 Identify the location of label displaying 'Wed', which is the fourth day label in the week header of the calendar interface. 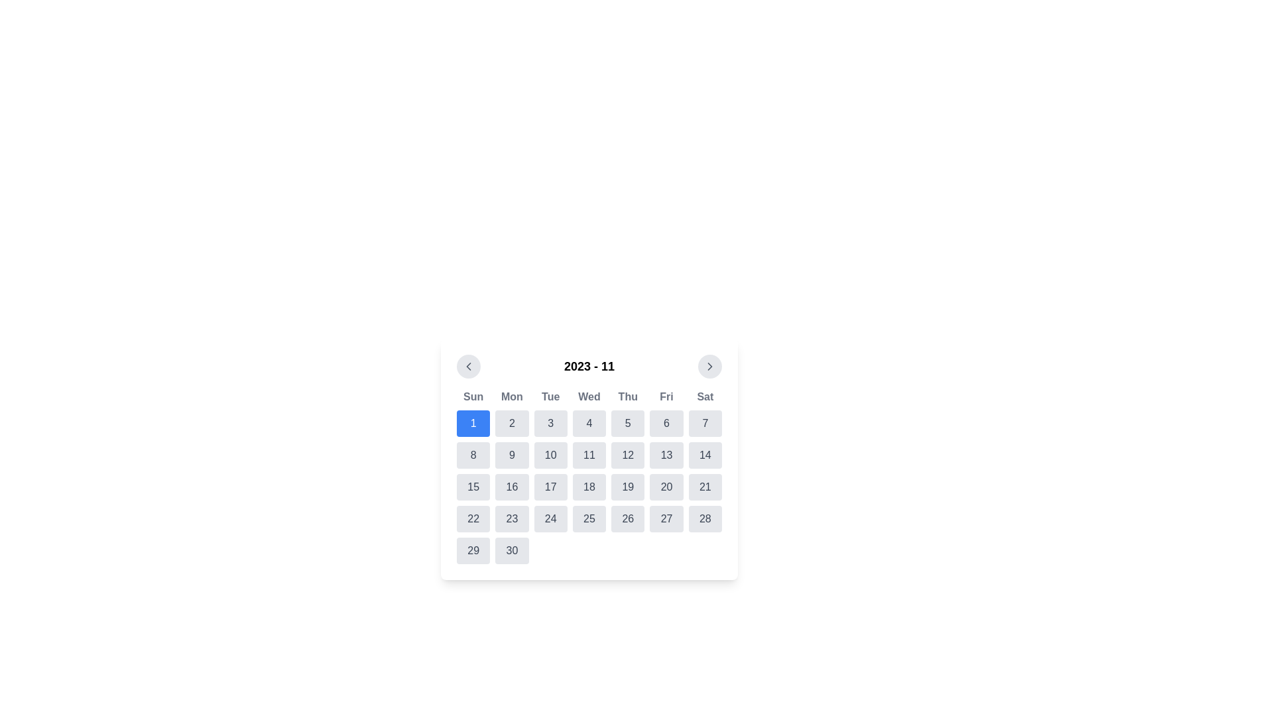
(588, 396).